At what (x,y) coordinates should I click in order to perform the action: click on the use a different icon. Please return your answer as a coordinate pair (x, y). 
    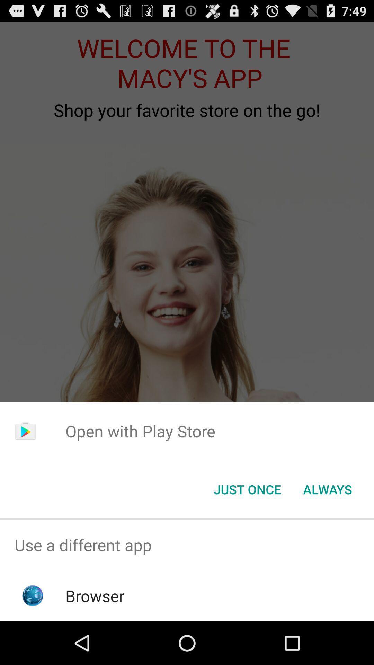
    Looking at the image, I should click on (187, 544).